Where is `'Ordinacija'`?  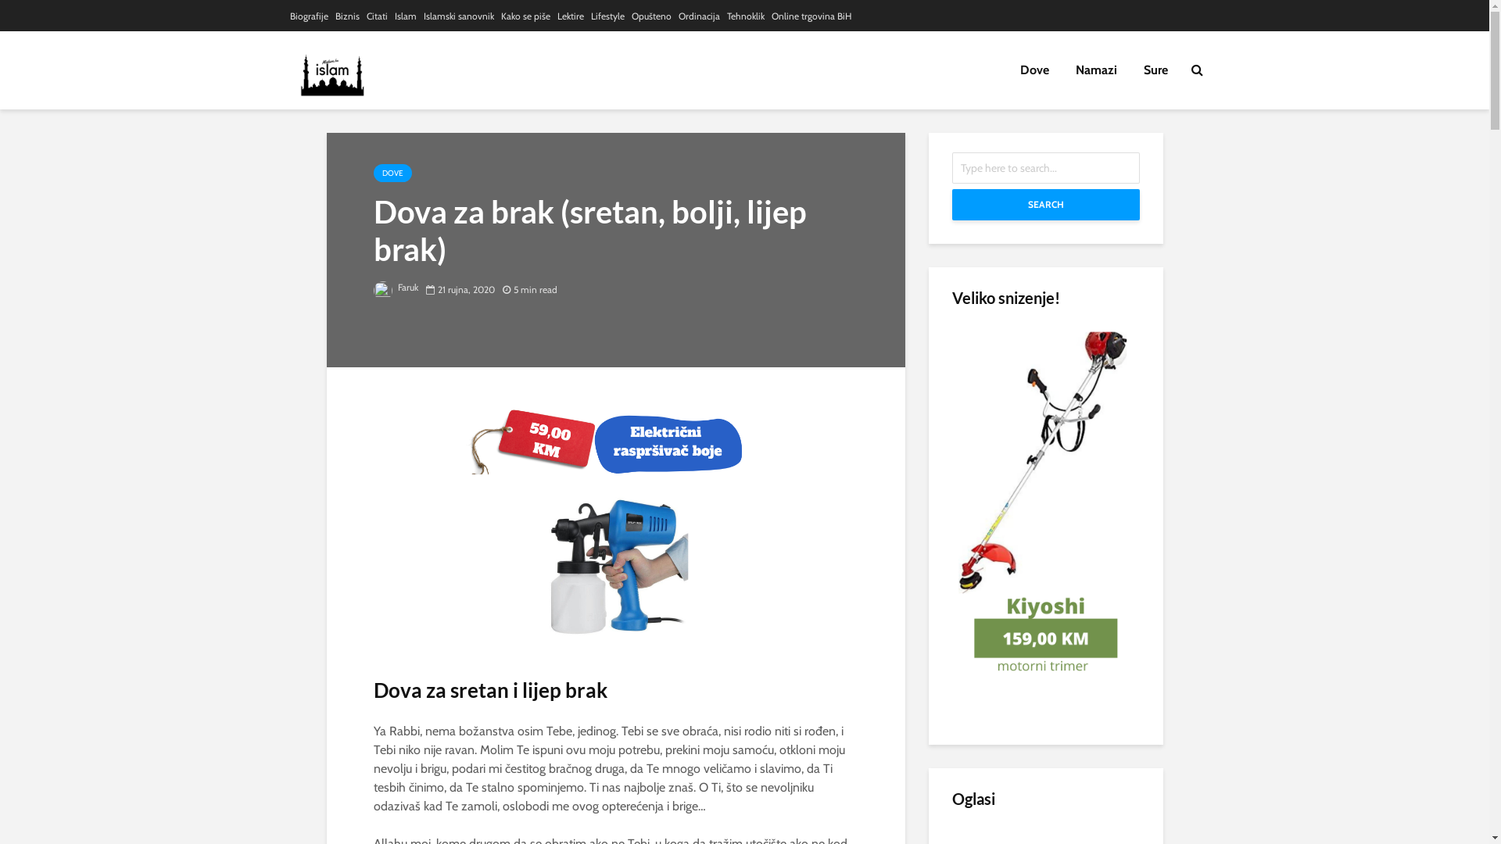
'Ordinacija' is located at coordinates (698, 16).